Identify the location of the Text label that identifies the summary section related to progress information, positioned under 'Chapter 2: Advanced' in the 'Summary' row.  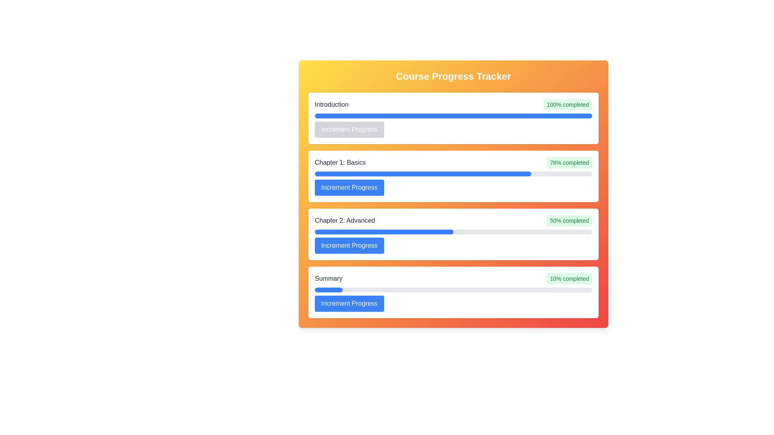
(329, 278).